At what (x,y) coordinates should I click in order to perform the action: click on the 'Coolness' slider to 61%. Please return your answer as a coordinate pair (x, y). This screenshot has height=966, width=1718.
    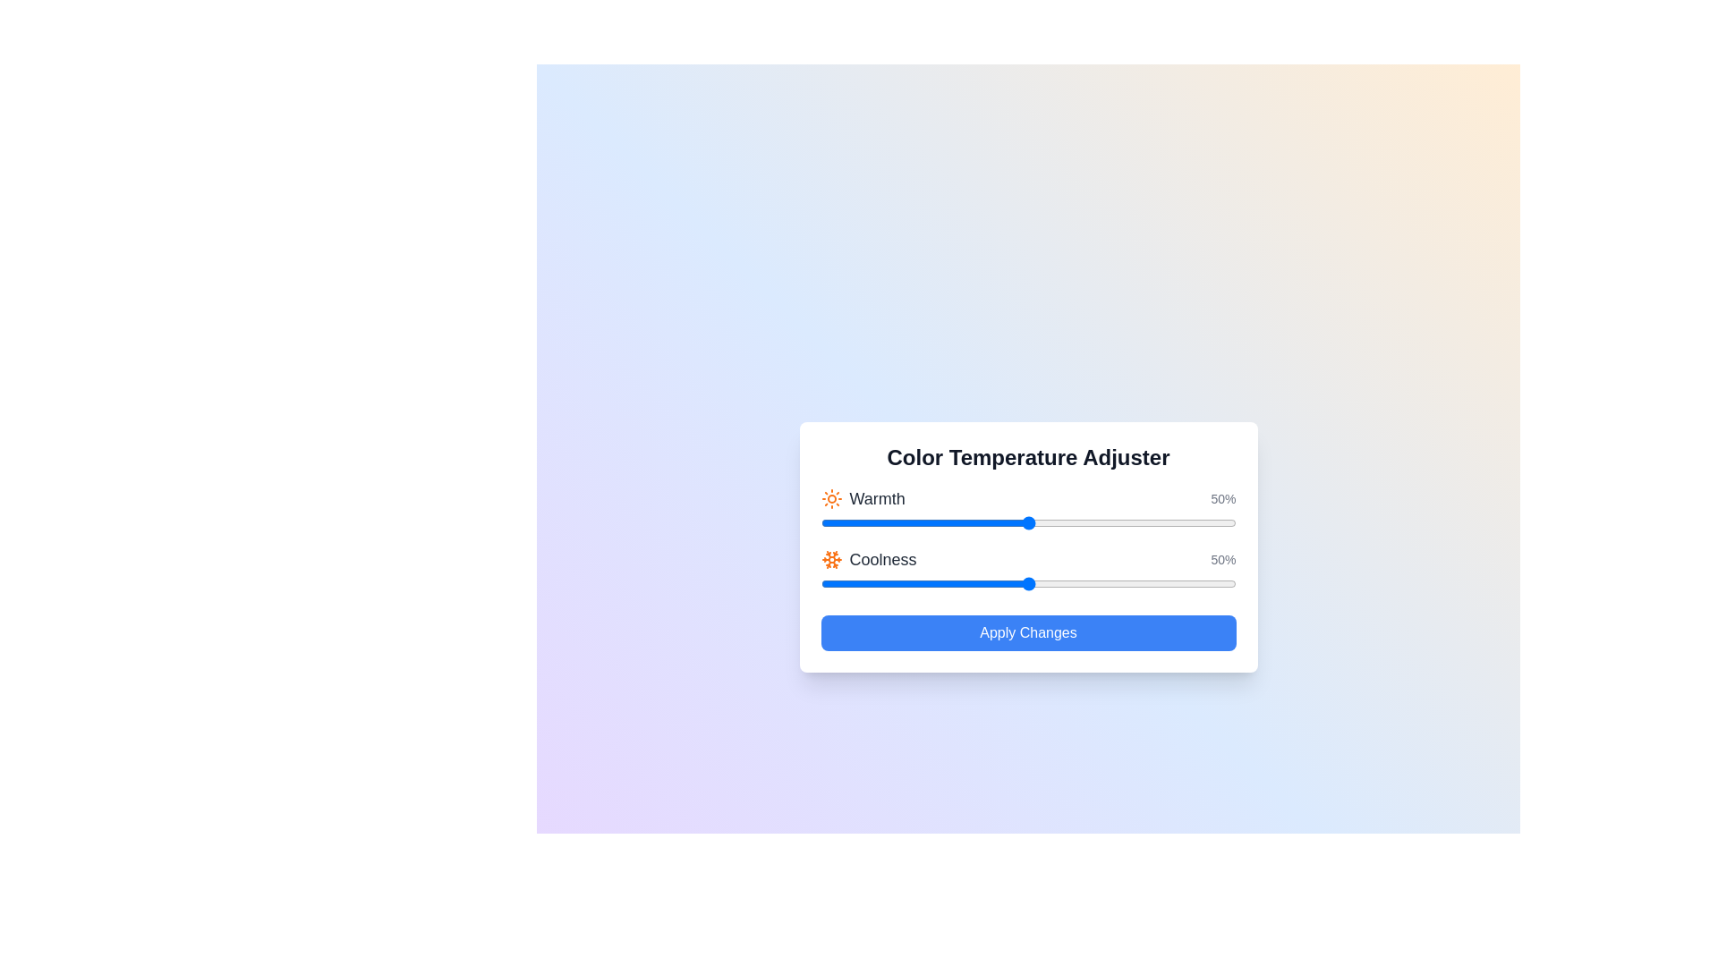
    Looking at the image, I should click on (1074, 583).